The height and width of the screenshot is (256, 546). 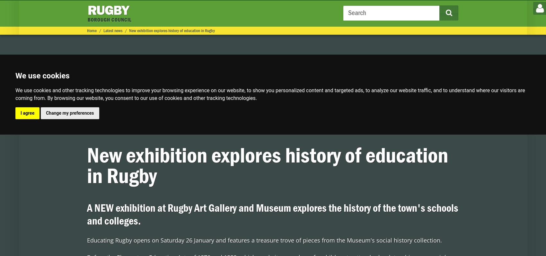 I want to click on 'A NEW exhibition at Rugby Art Gallery and Museum explores the history of the town's schools and colleges.', so click(x=272, y=215).